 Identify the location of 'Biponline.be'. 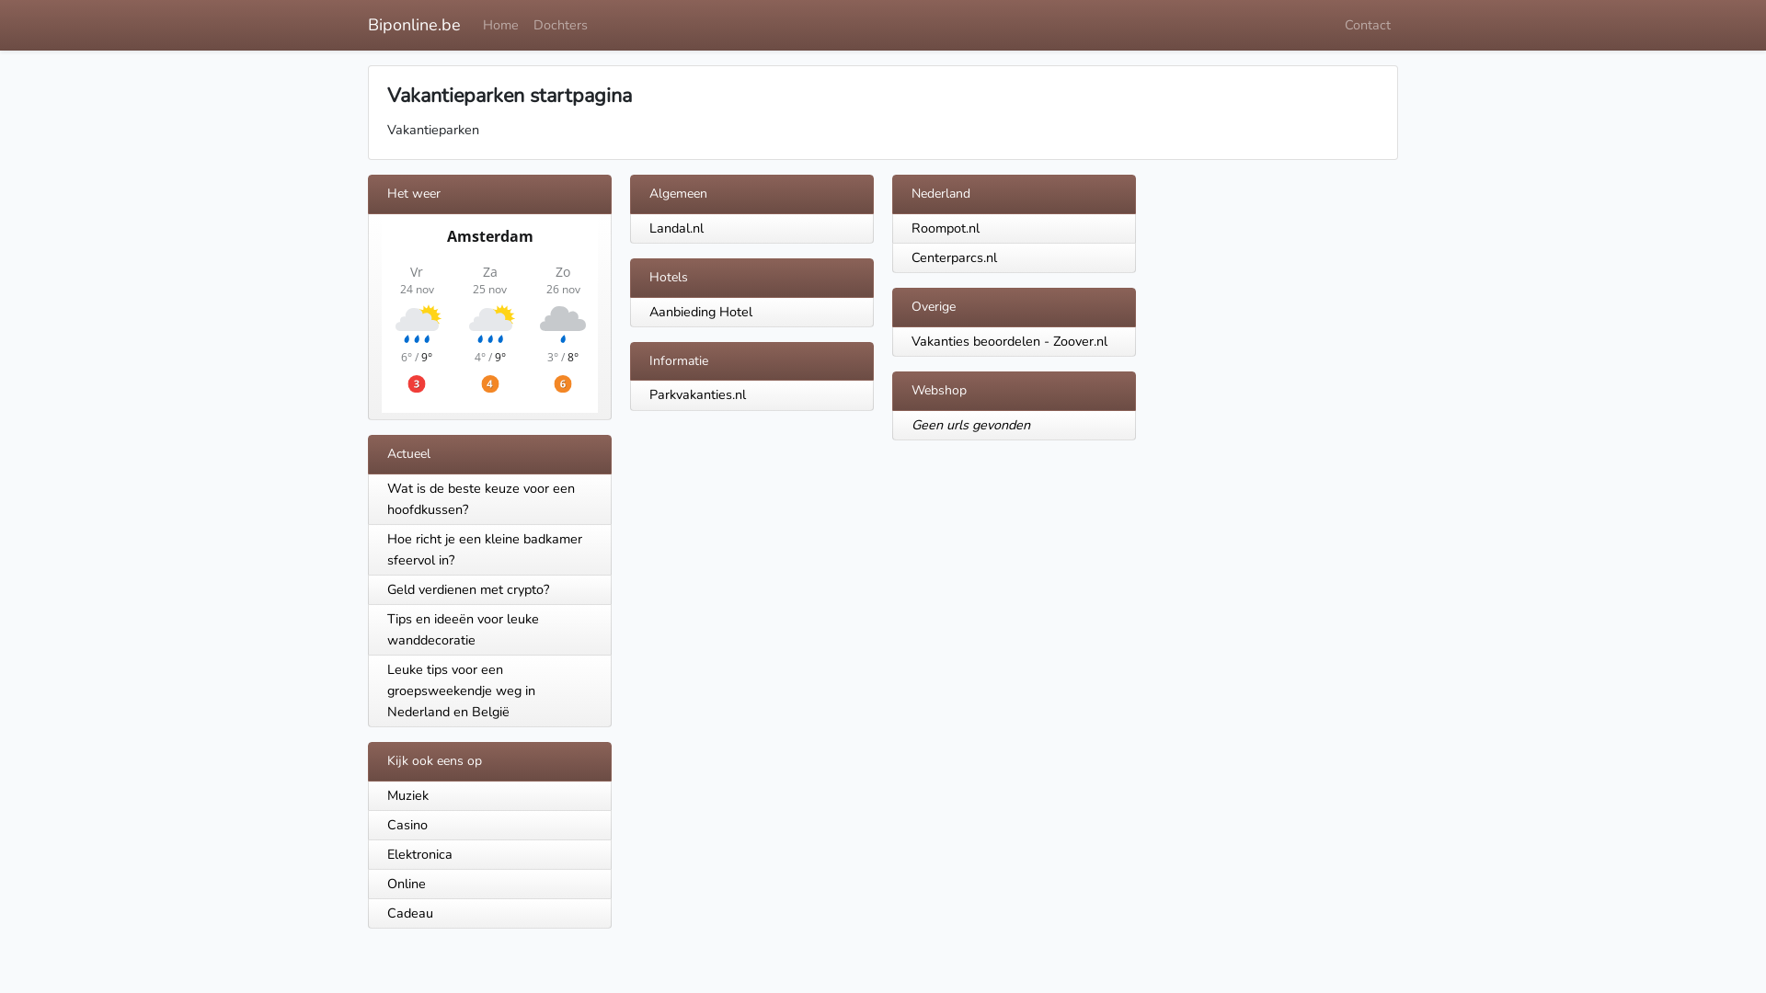
(413, 25).